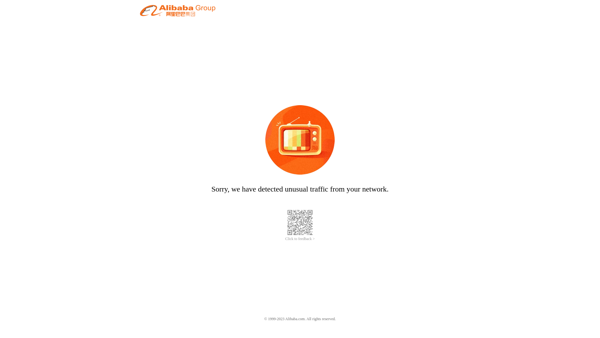 The image size is (600, 338). Describe the element at coordinates (300, 239) in the screenshot. I see `'Click to feedback >'` at that location.